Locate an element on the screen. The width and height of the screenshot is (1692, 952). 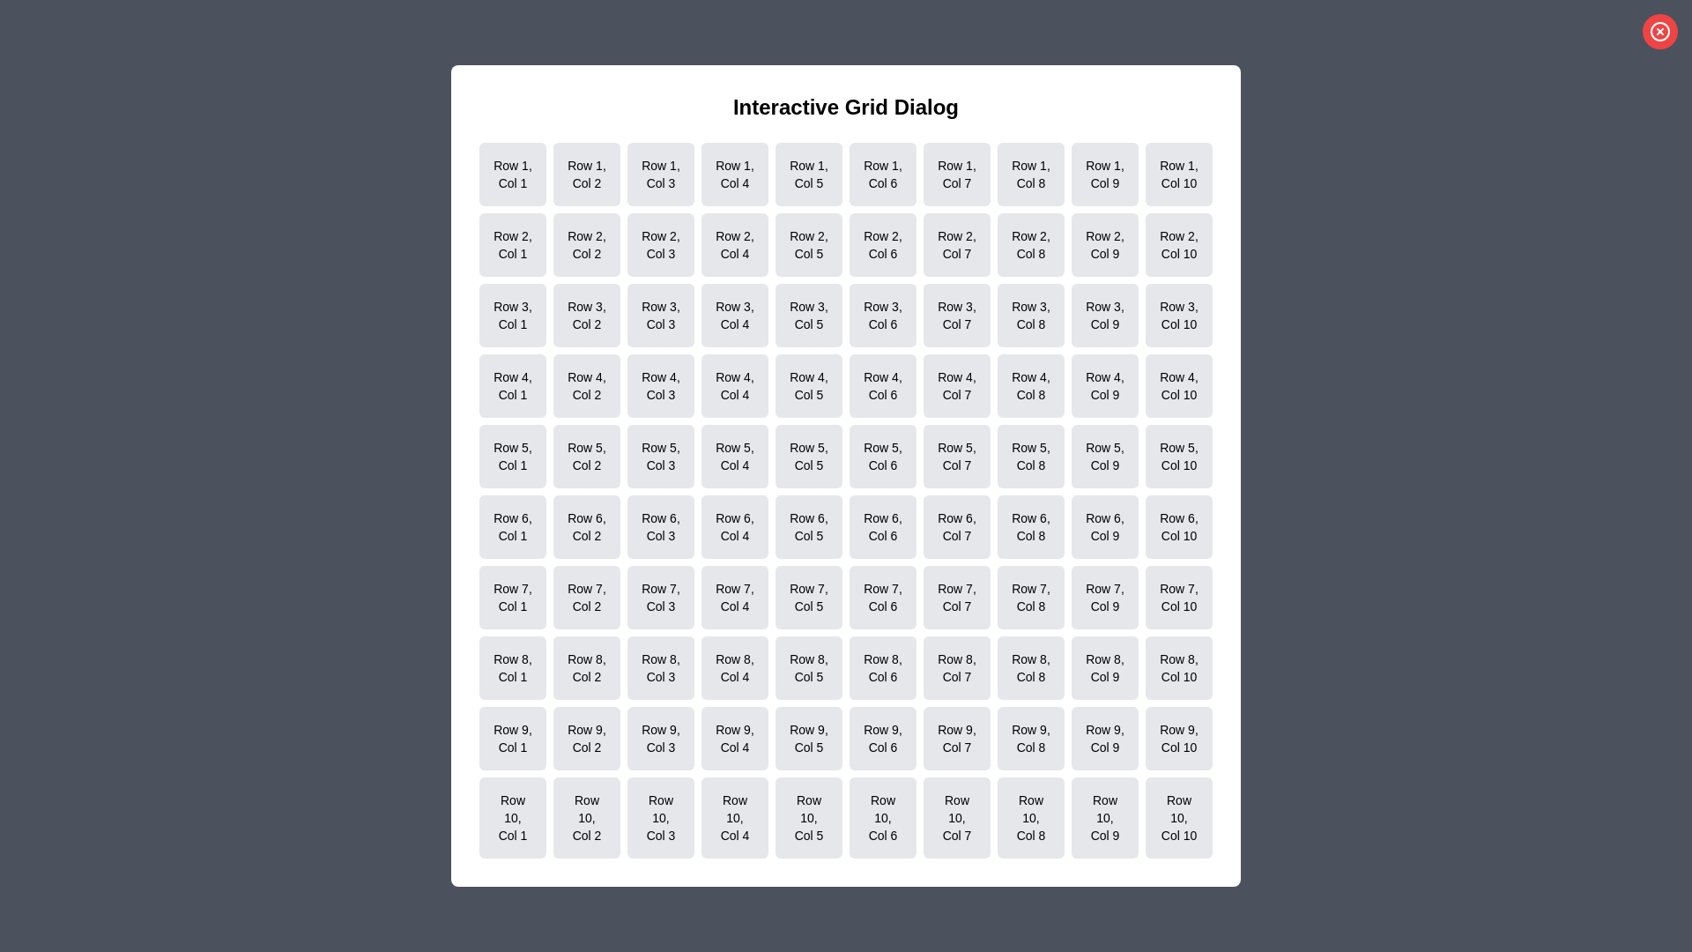
the close button to close the dialog is located at coordinates (1659, 31).